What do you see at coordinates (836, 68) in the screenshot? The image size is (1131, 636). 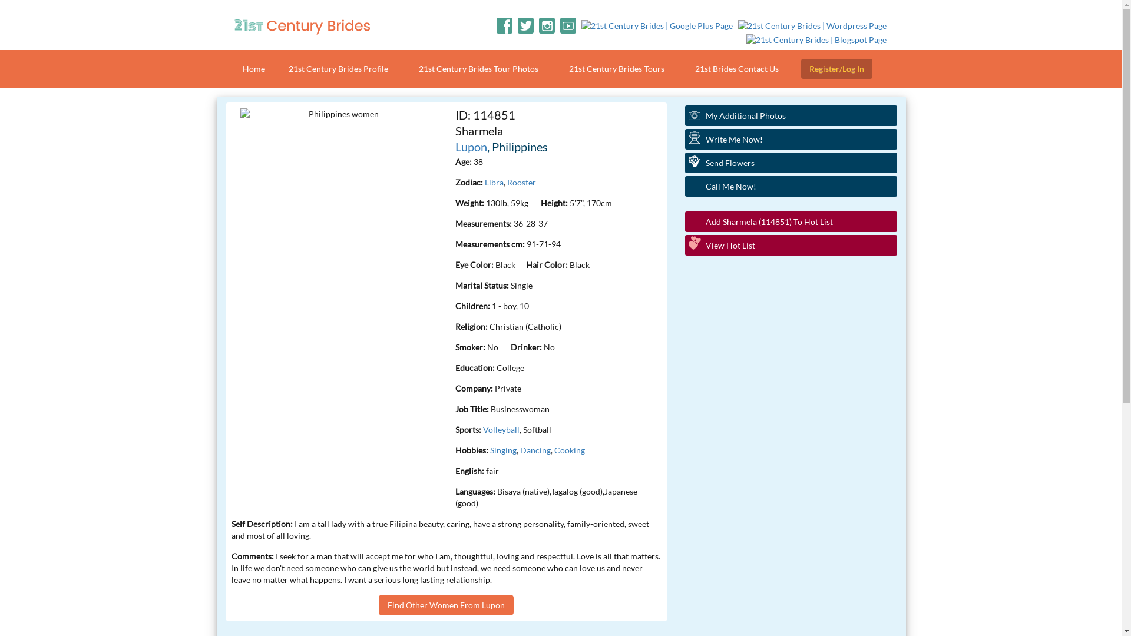 I see `'Register/Log In'` at bounding box center [836, 68].